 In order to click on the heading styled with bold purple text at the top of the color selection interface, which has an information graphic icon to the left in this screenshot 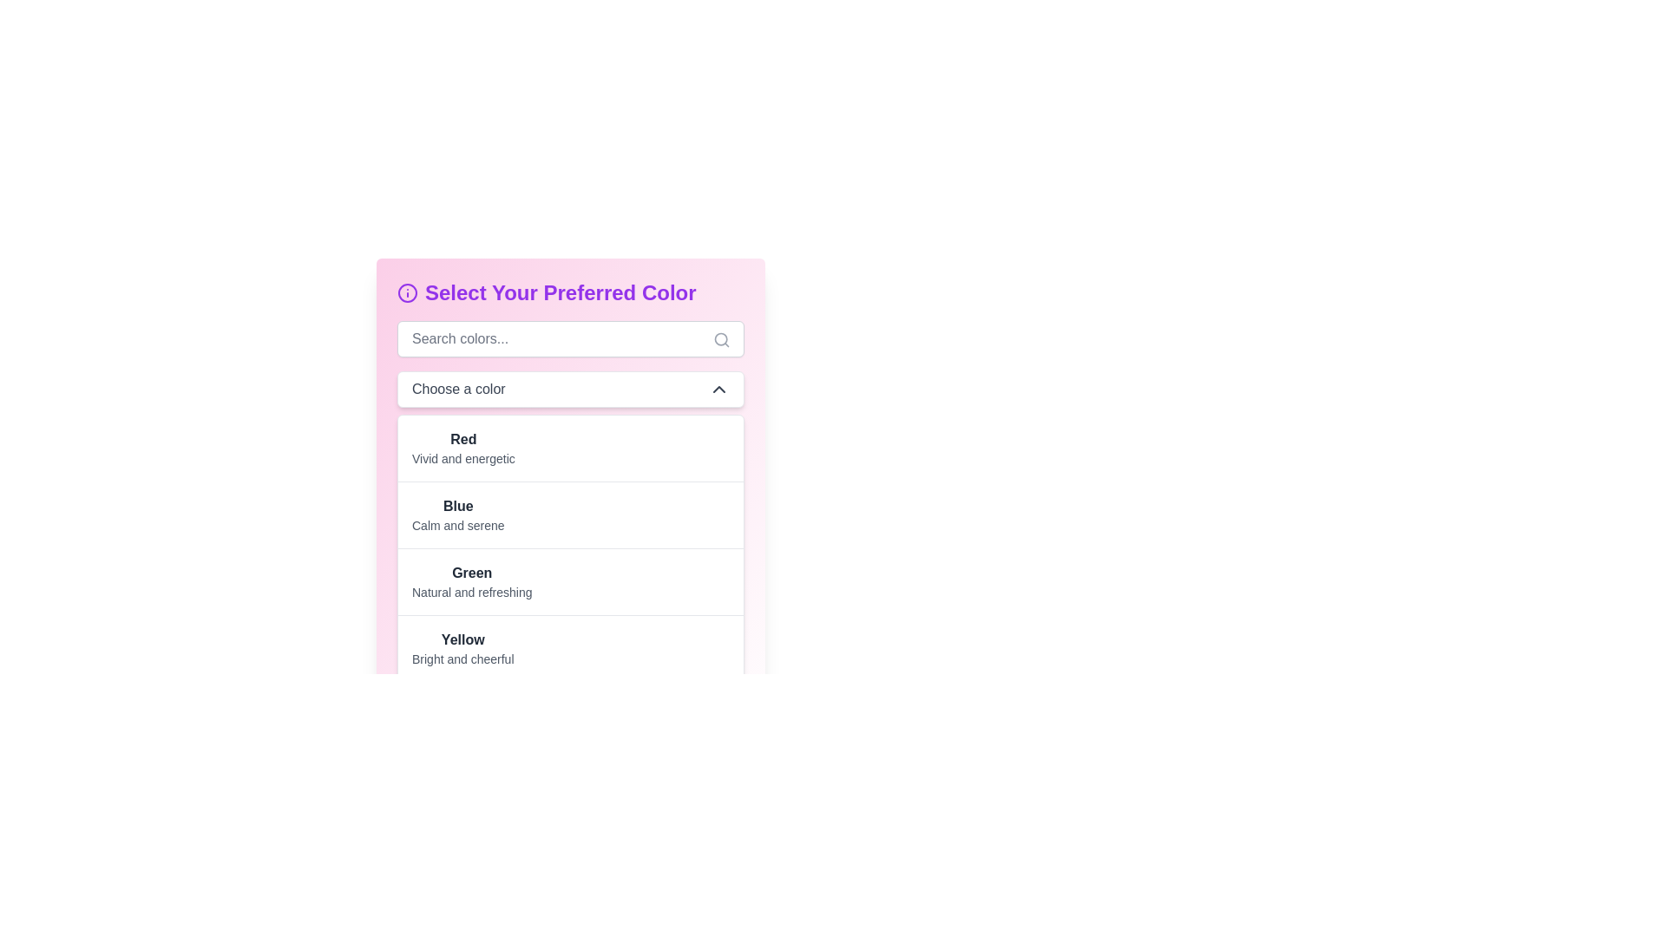, I will do `click(570, 292)`.